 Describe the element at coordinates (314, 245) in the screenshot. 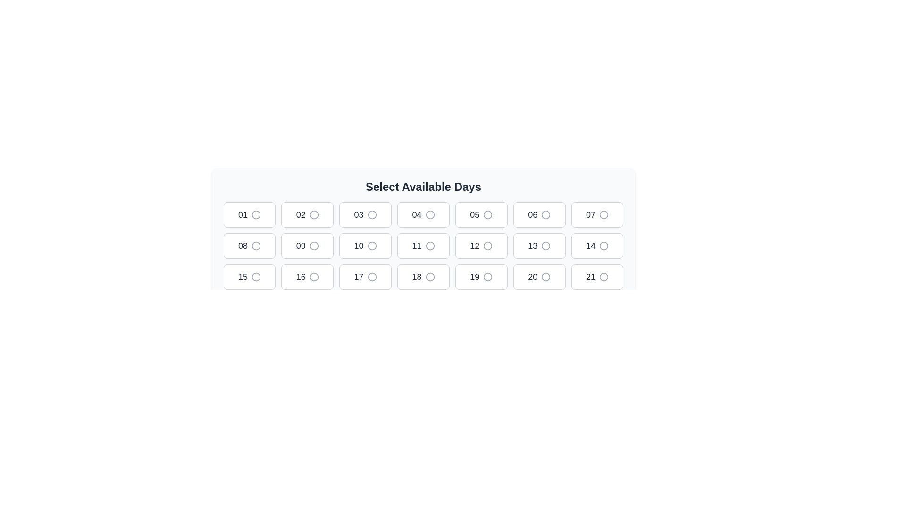

I see `the unselected state indicator SVG circle icon for the selectable day '09'` at that location.